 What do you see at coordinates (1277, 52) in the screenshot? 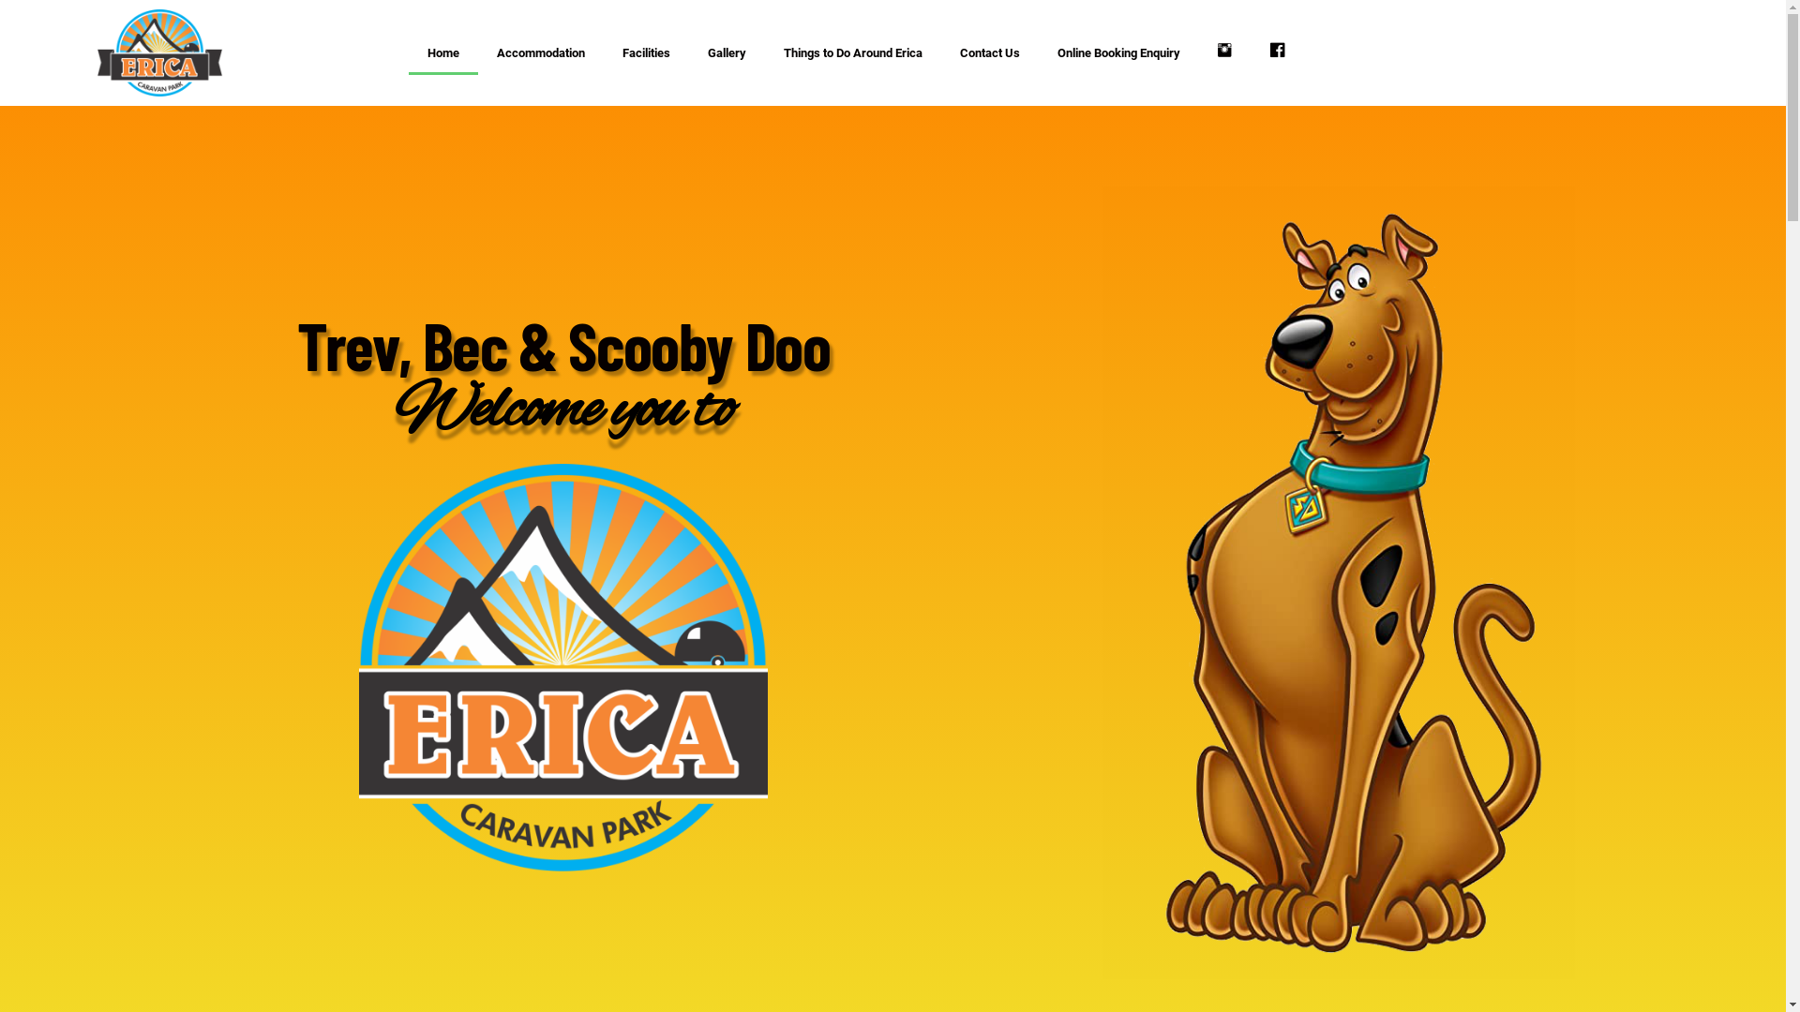
I see `'Facebook'` at bounding box center [1277, 52].